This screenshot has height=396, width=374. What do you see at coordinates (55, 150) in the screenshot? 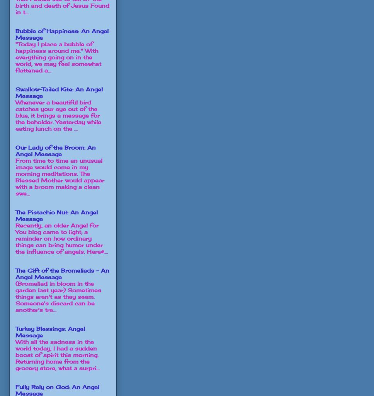
I see `'Our Lady of the Broom:  An Angel Message'` at bounding box center [55, 150].